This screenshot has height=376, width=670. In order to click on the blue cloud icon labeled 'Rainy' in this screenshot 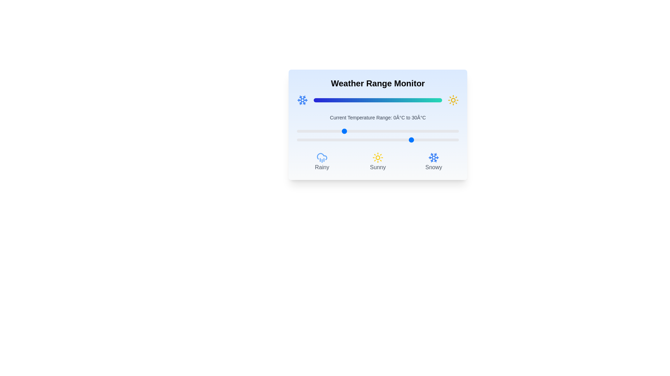, I will do `click(321, 162)`.